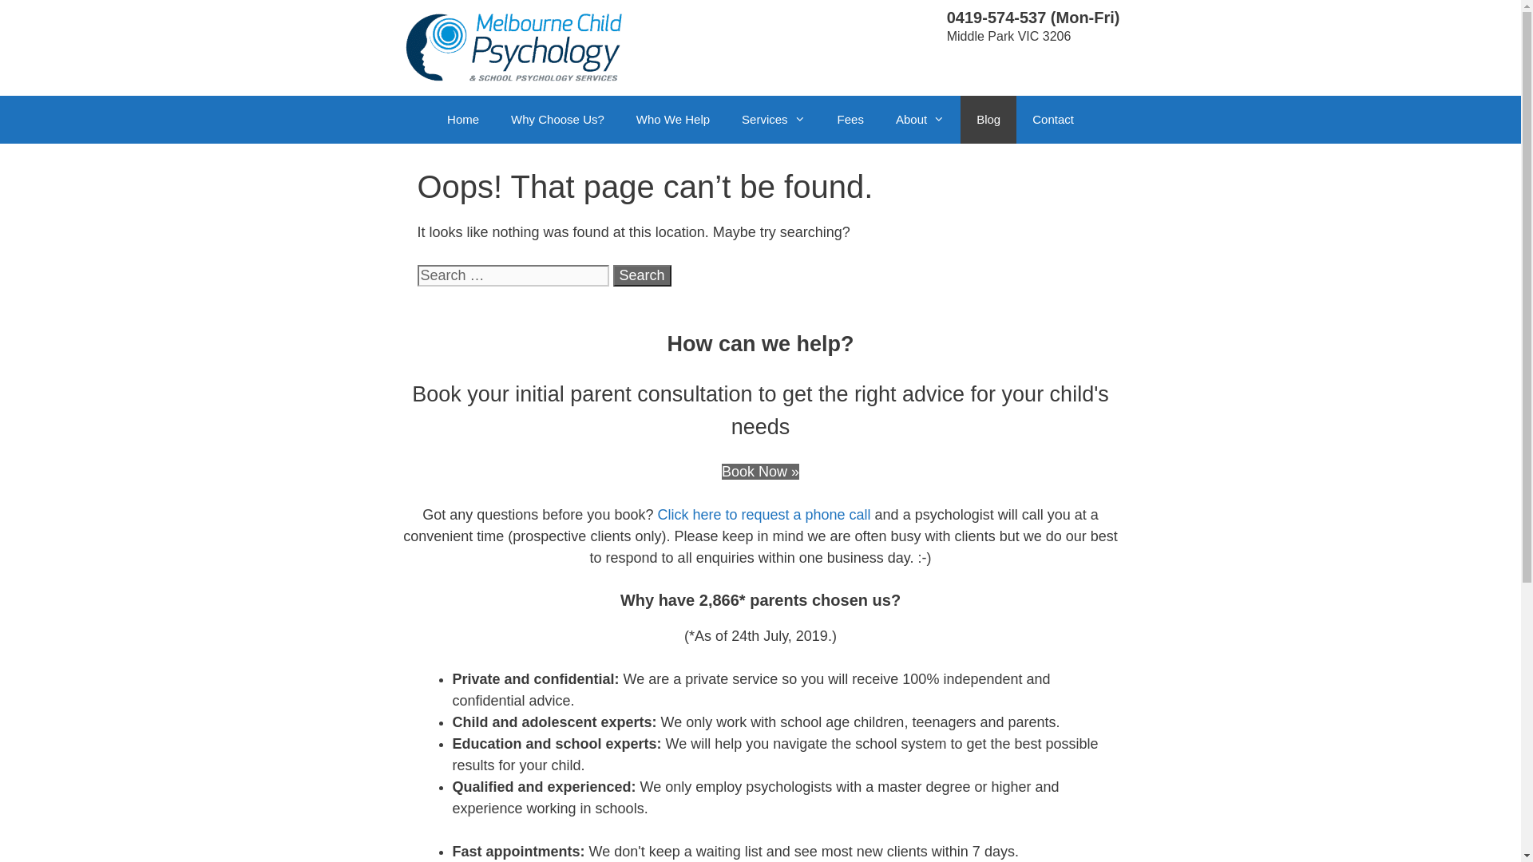  What do you see at coordinates (513, 275) in the screenshot?
I see `'Search for:'` at bounding box center [513, 275].